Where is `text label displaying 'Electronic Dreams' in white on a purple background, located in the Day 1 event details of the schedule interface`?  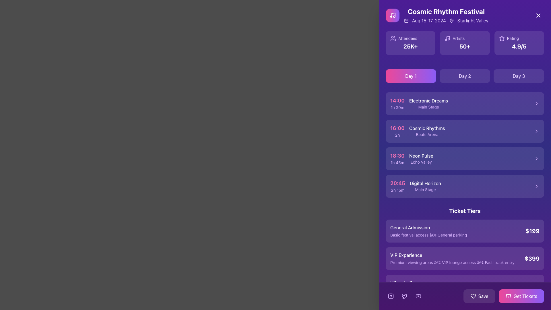
text label displaying 'Electronic Dreams' in white on a purple background, located in the Day 1 event details of the schedule interface is located at coordinates (428, 100).